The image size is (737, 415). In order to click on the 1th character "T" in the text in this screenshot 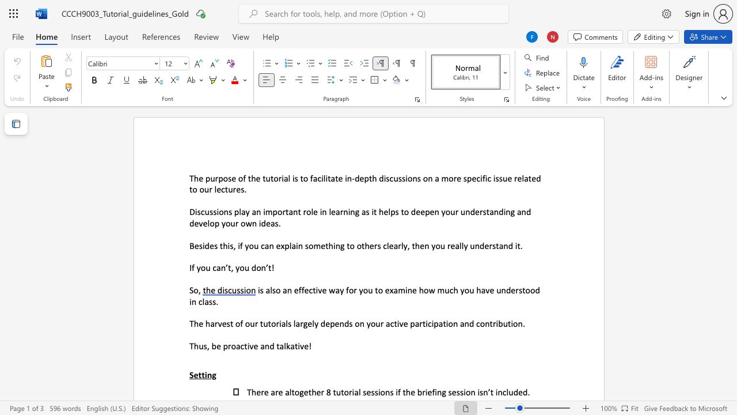, I will do `click(248, 391)`.